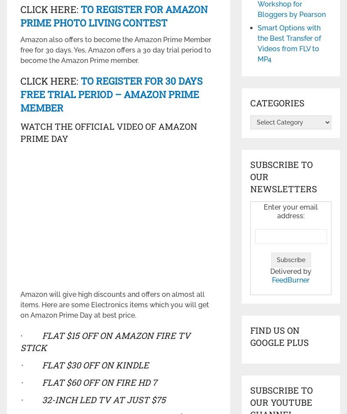  I want to click on 'To Register for 30 days free Trial Period – Amazon Prime Member', so click(20, 94).